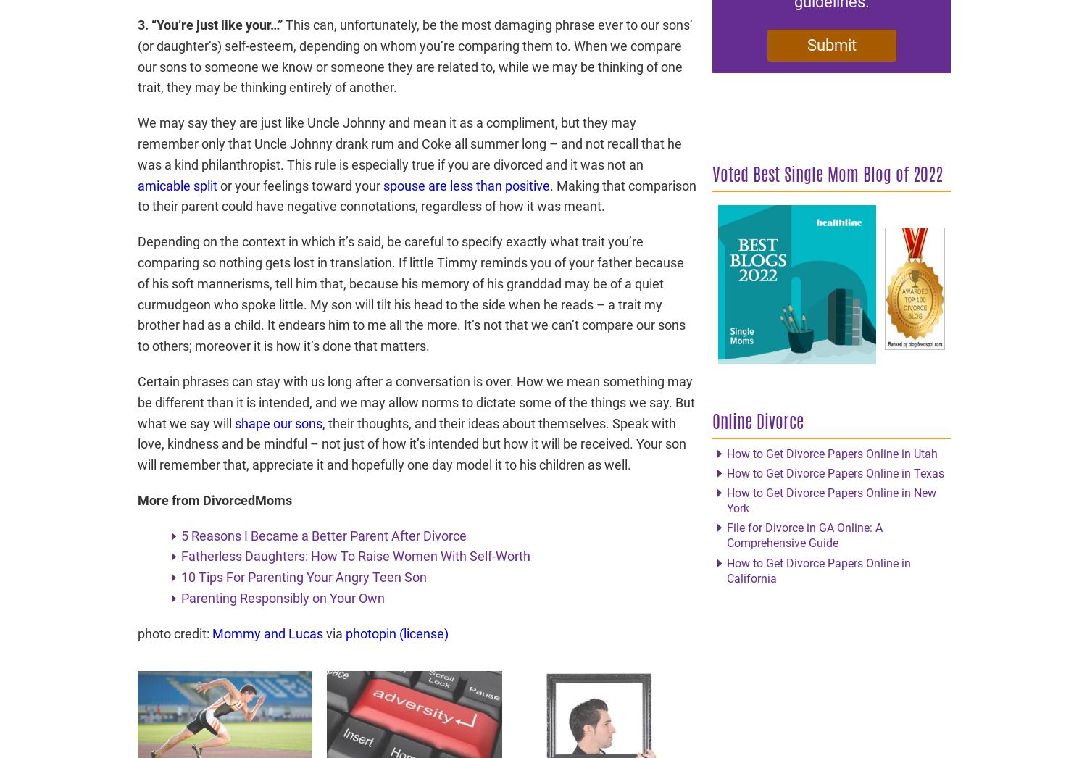 Image resolution: width=1087 pixels, height=758 pixels. I want to click on ', their thoughts, and their ideas about themselves. Speak with love, kindness and be mindful – not just of how it’s intended but how it will be received. Your son will remember that, appreciate it and hopefully one day model it to his children as well.', so click(411, 443).